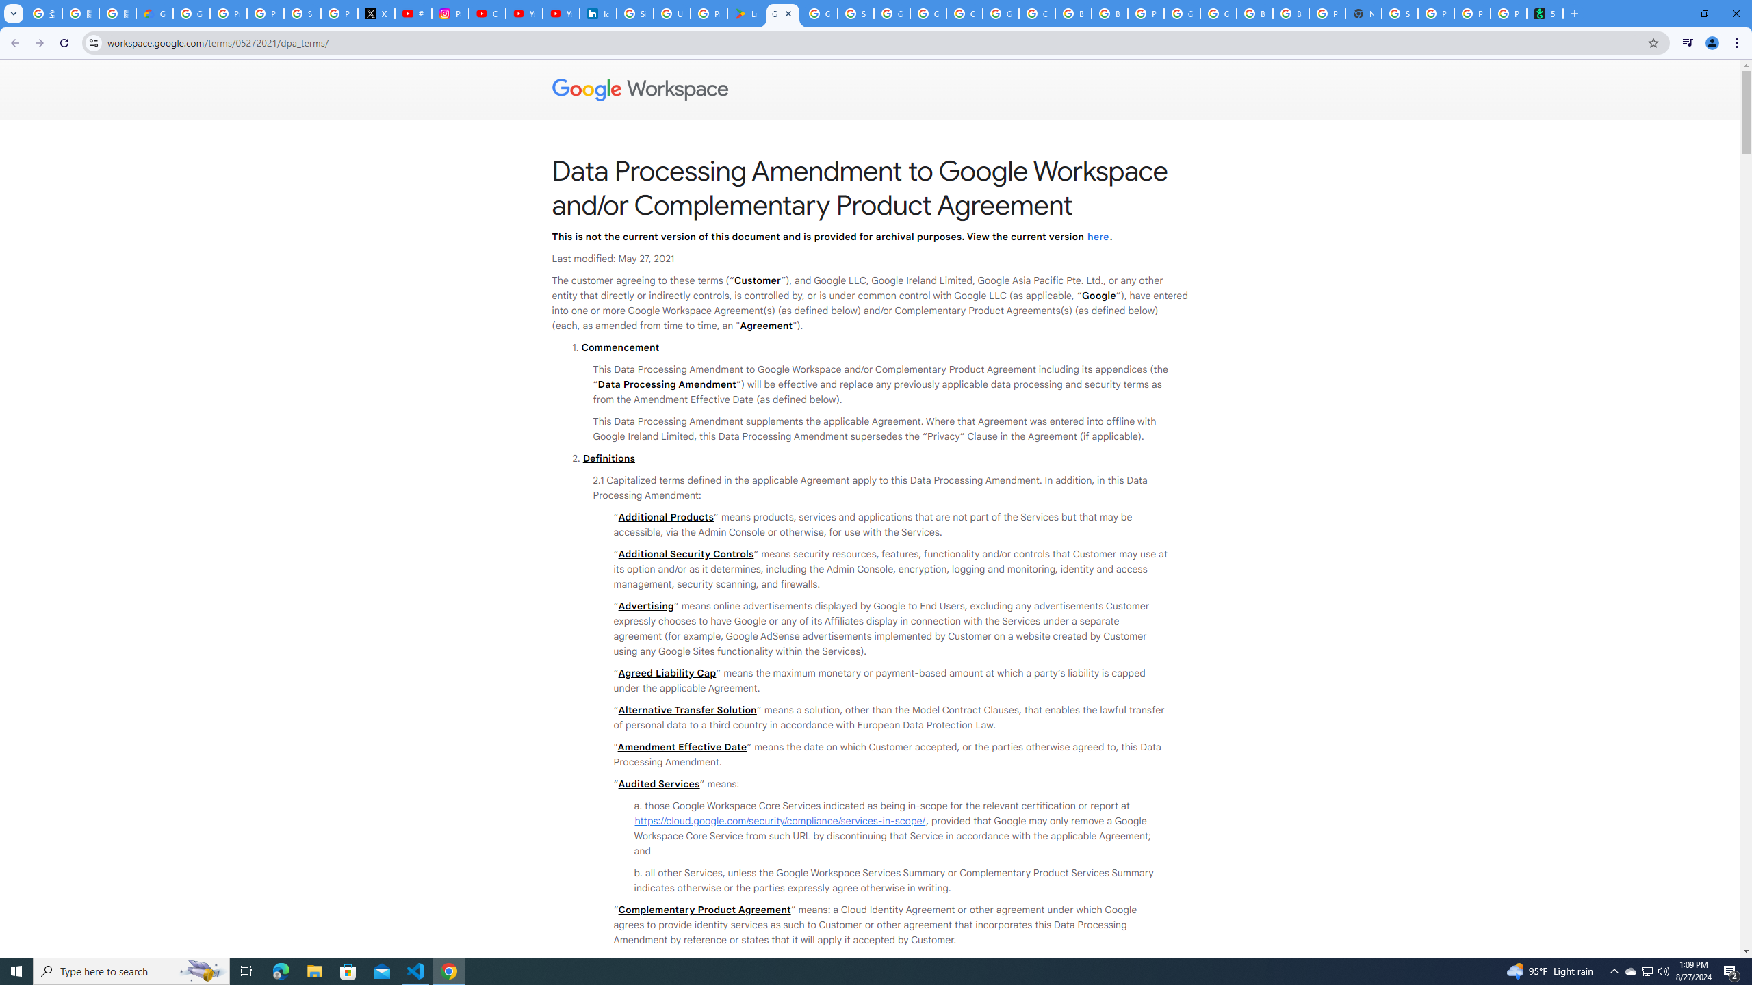  Describe the element at coordinates (1291, 13) in the screenshot. I see `'Browse Chrome as a guest - Computer - Google Chrome Help'` at that location.